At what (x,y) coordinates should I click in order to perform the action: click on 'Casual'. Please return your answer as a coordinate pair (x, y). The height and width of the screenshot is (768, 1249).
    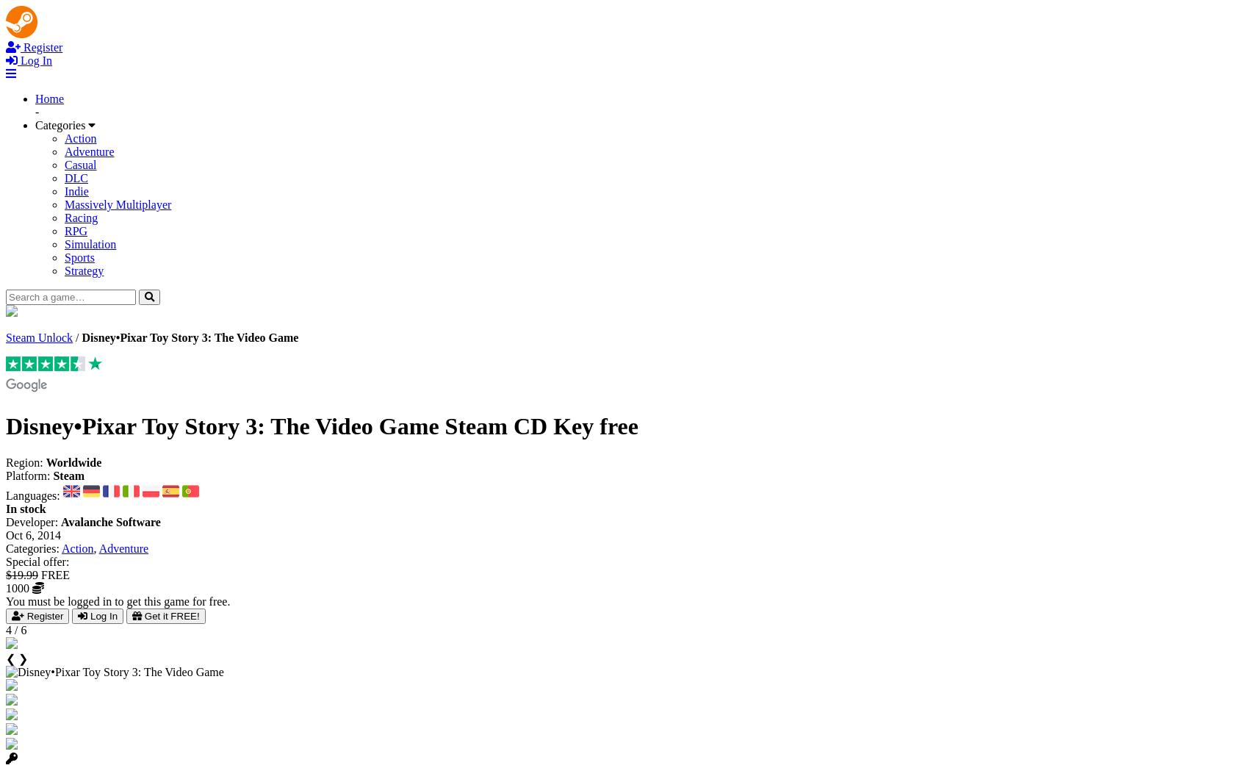
    Looking at the image, I should click on (79, 165).